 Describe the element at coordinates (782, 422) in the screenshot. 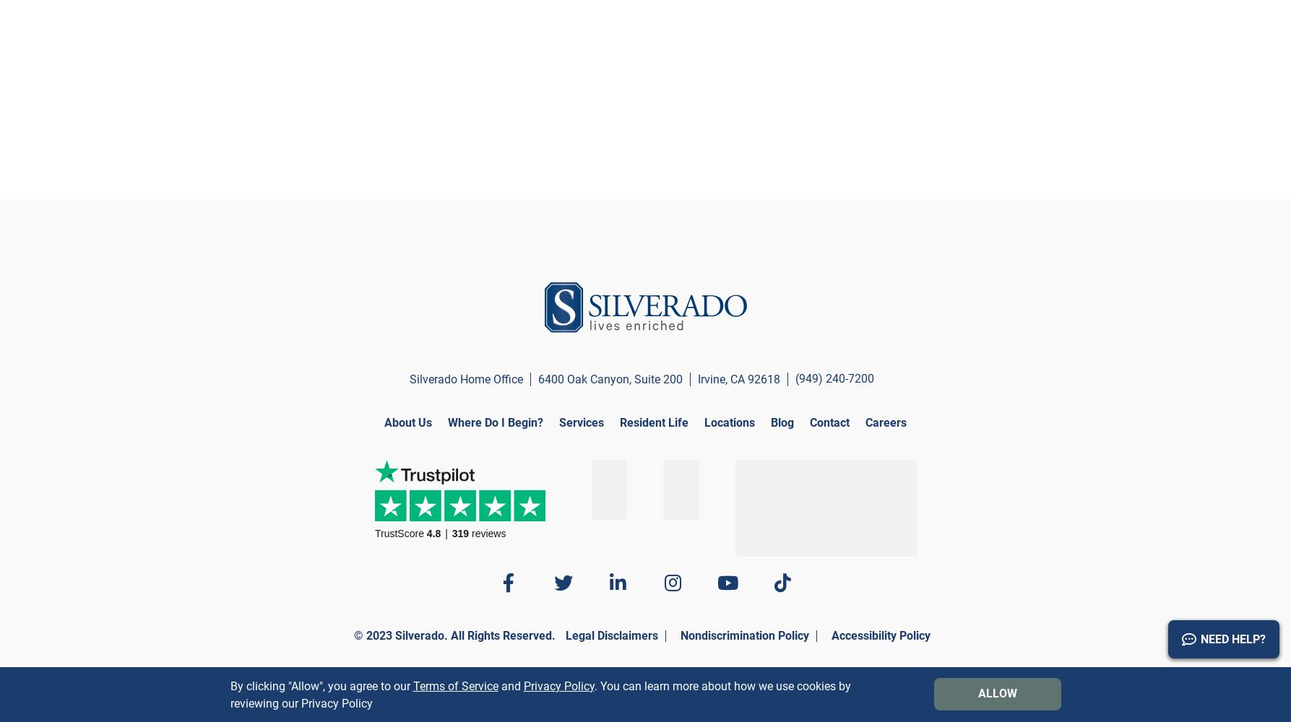

I see `'Blog'` at that location.